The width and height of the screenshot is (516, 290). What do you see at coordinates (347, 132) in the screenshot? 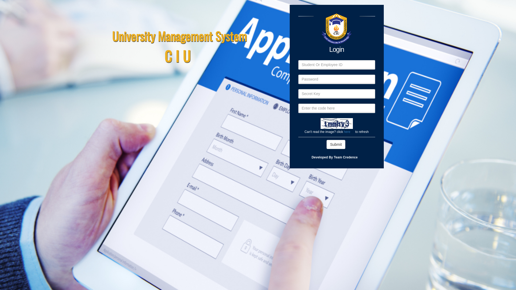
I see `'here'` at bounding box center [347, 132].